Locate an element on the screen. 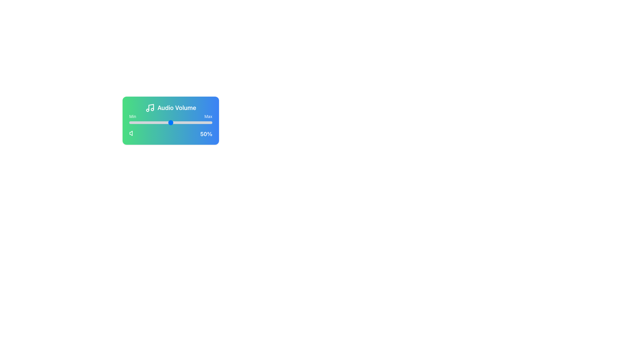  the audio volume slider is located at coordinates (139, 122).